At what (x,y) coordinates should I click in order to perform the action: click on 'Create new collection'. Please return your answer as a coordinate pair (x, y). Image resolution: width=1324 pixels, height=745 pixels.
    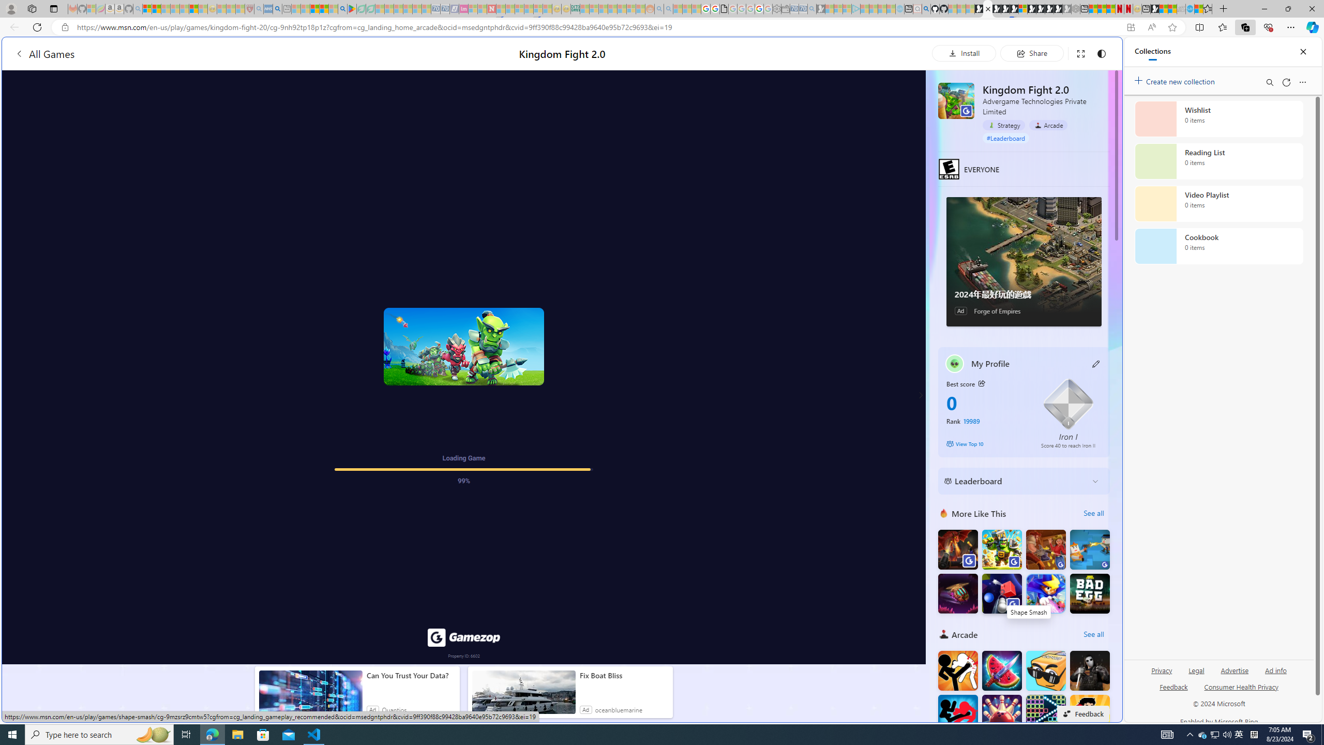
    Looking at the image, I should click on (1176, 79).